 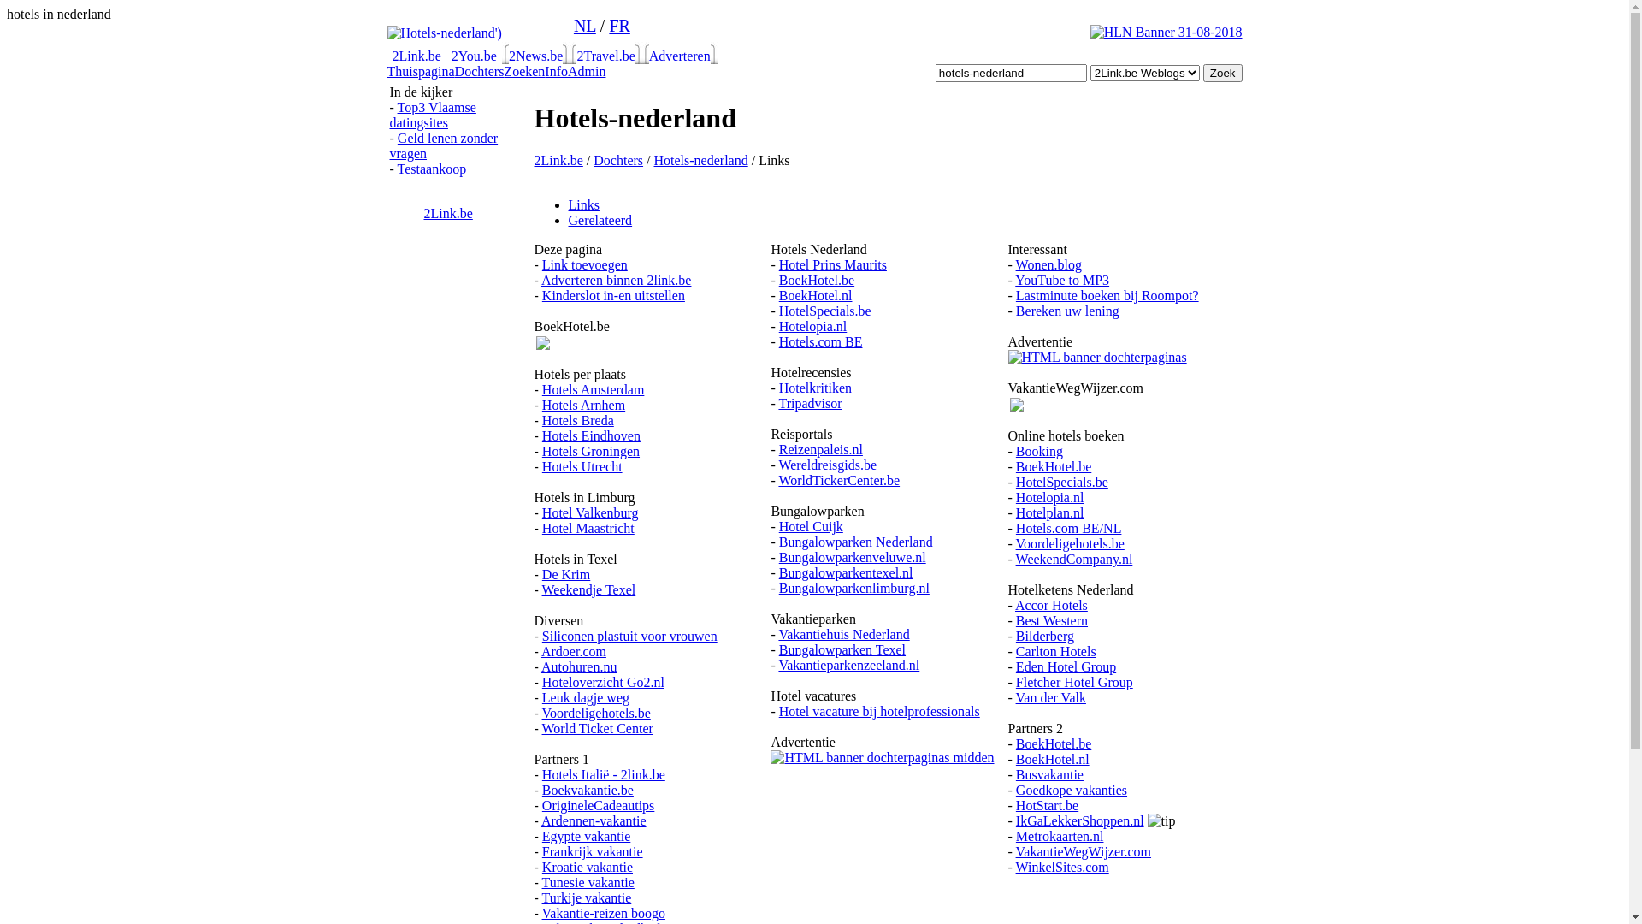 What do you see at coordinates (1054, 651) in the screenshot?
I see `'Carlton Hotels'` at bounding box center [1054, 651].